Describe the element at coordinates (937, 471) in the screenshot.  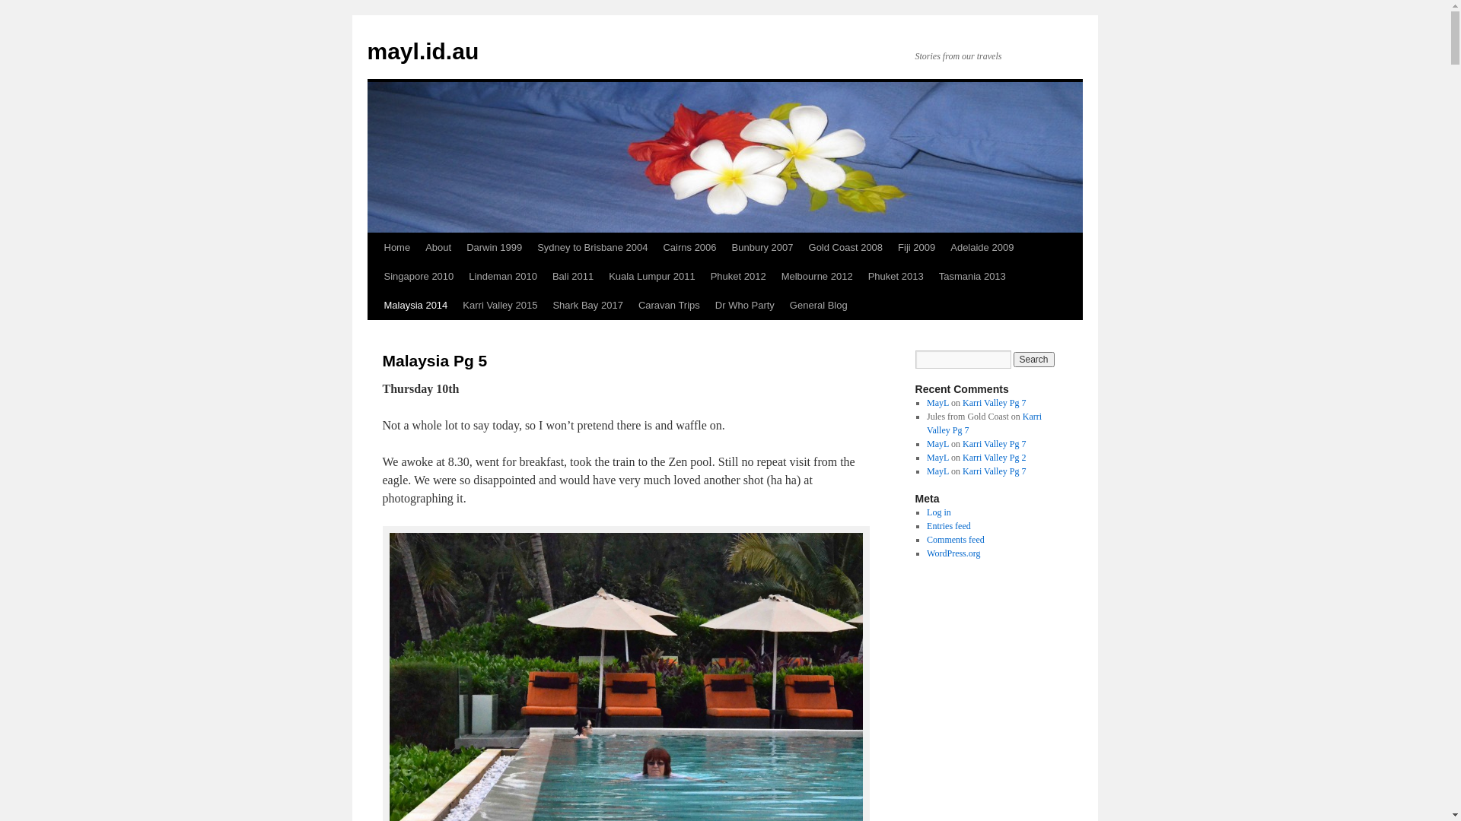
I see `'MayL'` at that location.